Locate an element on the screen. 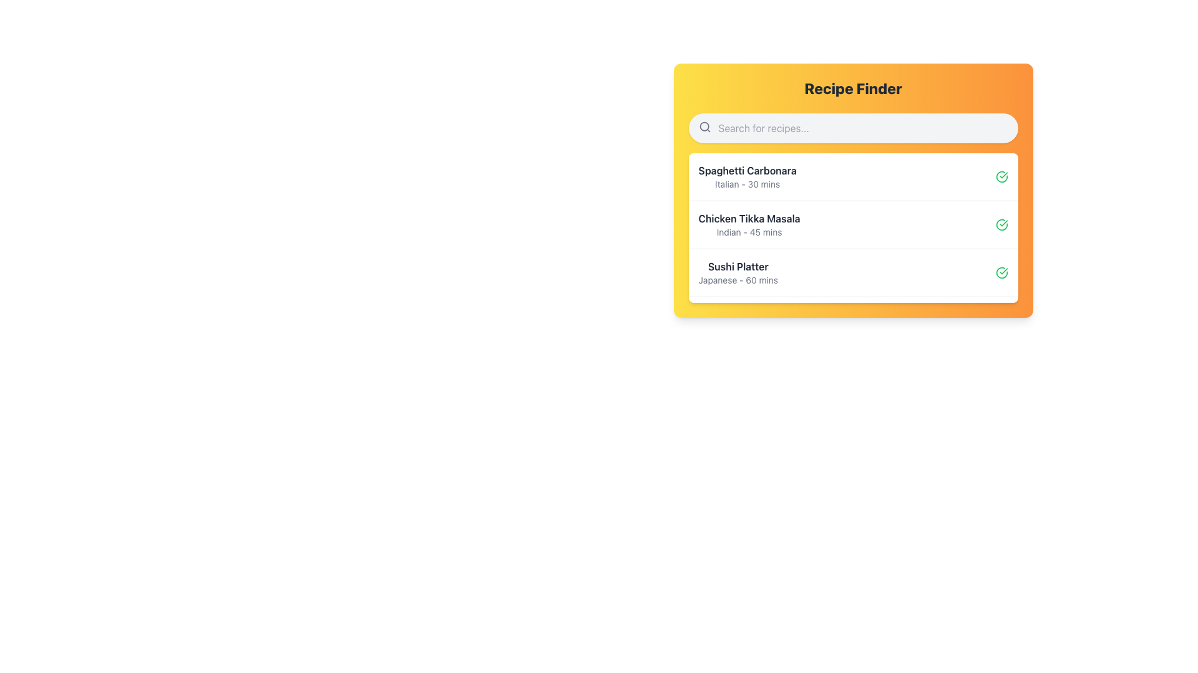  the topmost recipe list item titled 'Spaghetti Carbonara' is located at coordinates (748, 177).